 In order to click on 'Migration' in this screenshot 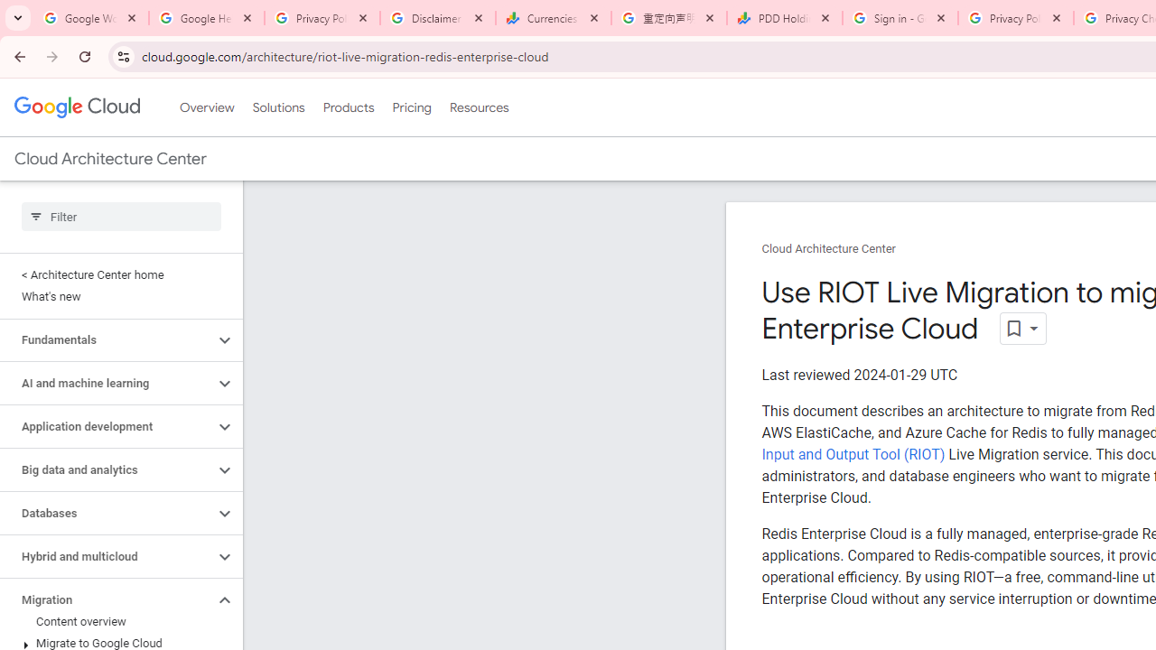, I will do `click(106, 599)`.